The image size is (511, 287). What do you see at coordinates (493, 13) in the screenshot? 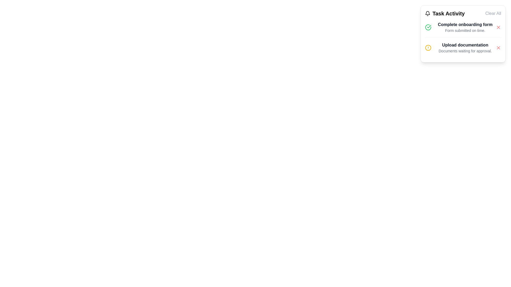
I see `the clear all button located at the top-right corner of the 'Task Activity' section` at bounding box center [493, 13].